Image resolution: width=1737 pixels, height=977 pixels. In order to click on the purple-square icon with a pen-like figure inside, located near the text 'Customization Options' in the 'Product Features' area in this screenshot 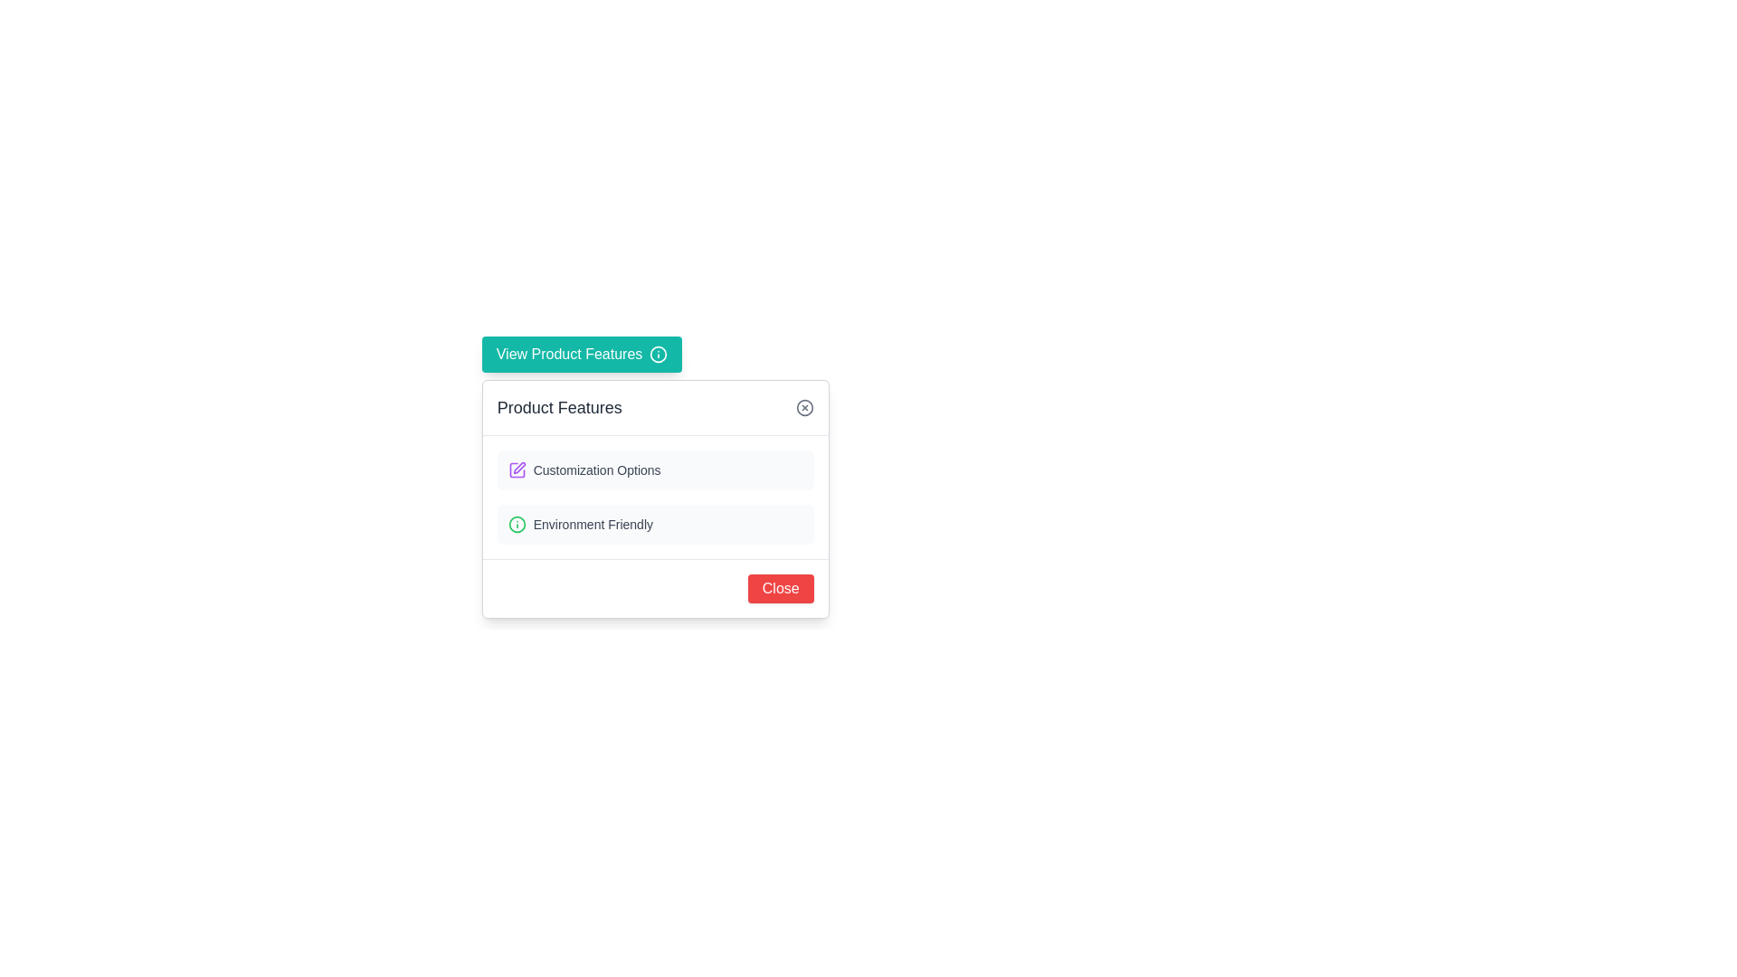, I will do `click(516, 470)`.